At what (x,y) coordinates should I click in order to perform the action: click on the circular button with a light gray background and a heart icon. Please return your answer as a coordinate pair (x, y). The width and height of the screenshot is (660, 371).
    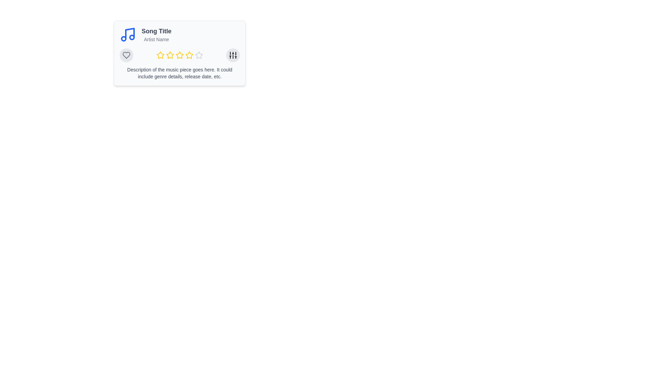
    Looking at the image, I should click on (126, 55).